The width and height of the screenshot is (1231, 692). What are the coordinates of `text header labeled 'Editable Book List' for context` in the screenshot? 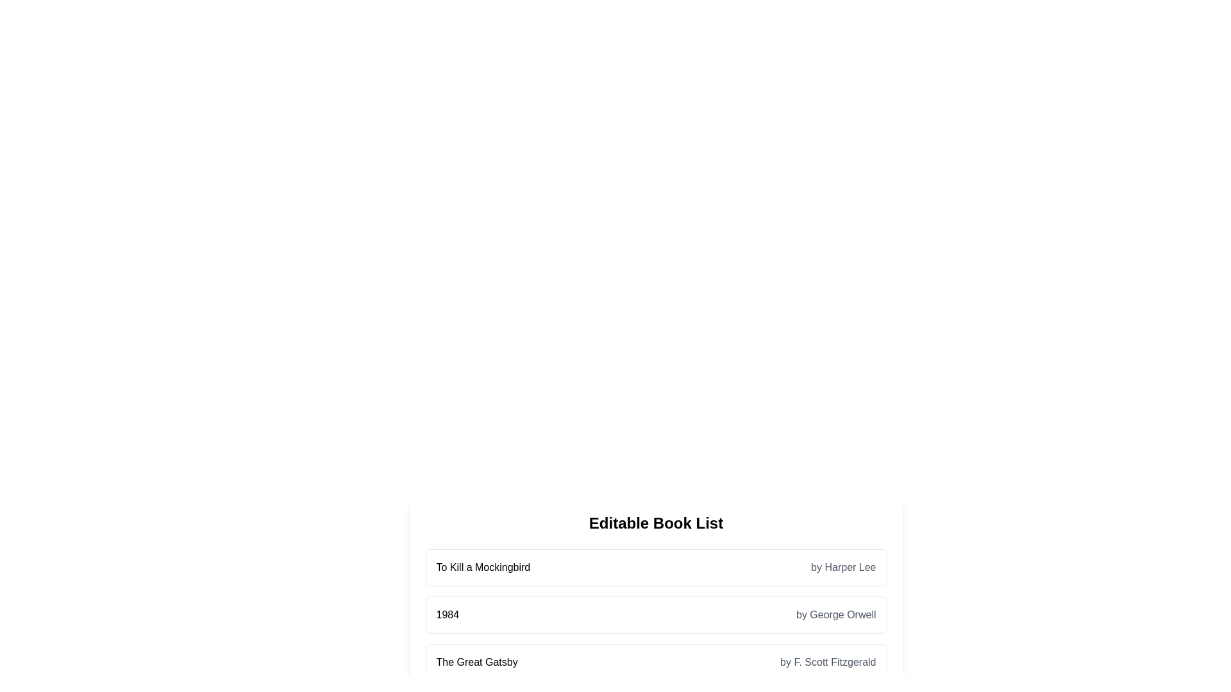 It's located at (656, 523).